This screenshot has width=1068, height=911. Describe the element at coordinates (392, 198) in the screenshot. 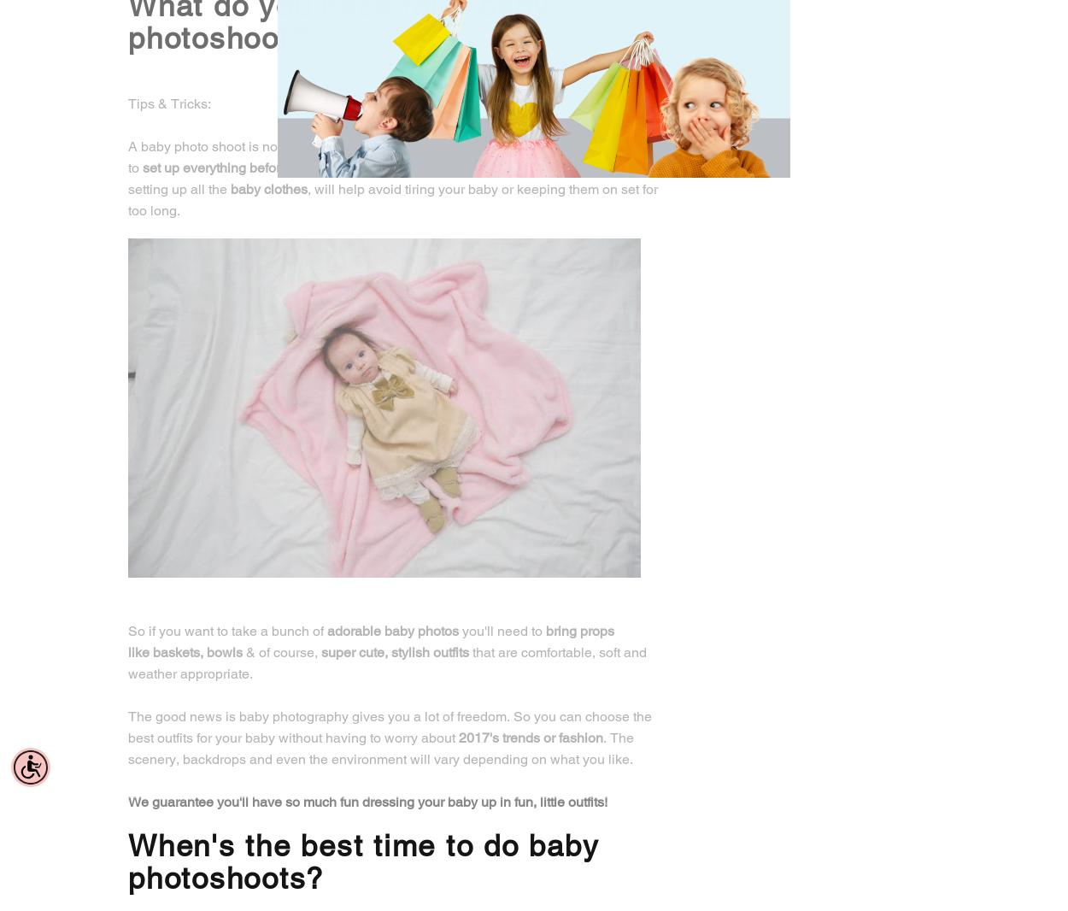

I see `', will help avoid tiring your baby or keeping them on set for too long.'` at that location.